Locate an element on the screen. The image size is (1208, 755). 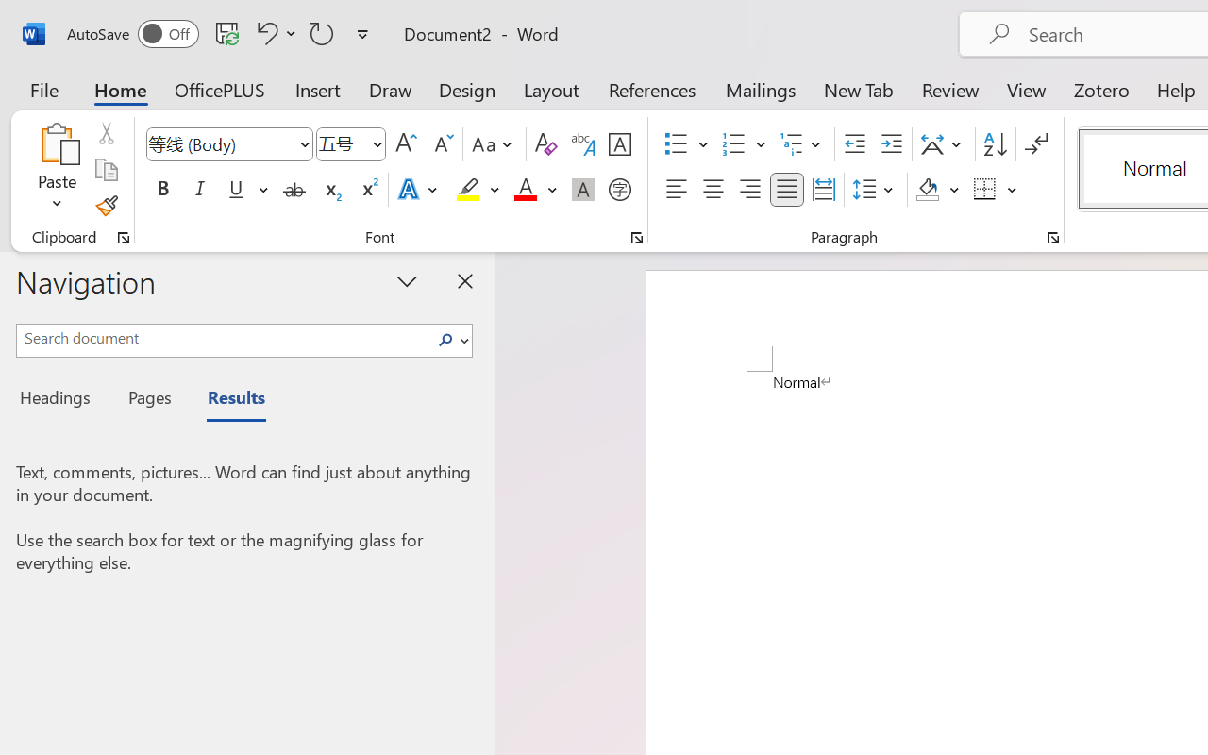
'Font Color Red' is located at coordinates (525, 190).